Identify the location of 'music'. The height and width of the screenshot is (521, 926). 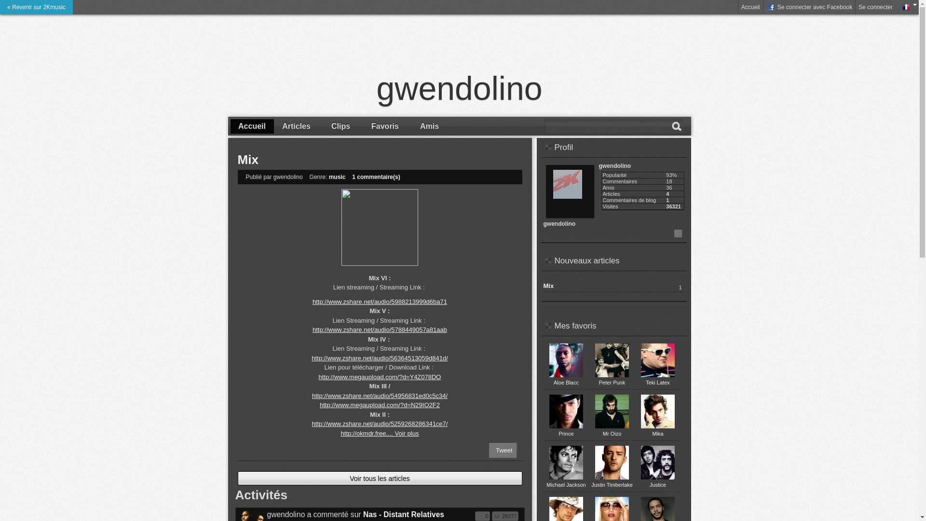
(337, 177).